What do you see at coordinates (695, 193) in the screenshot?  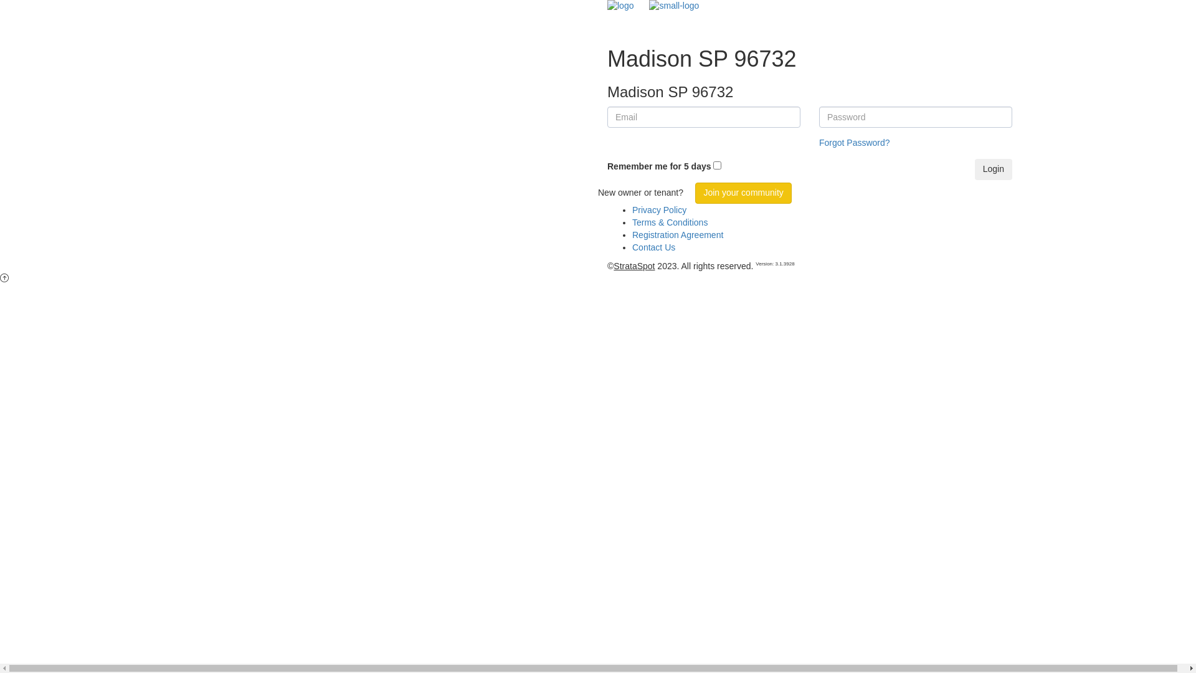 I see `'Join your community'` at bounding box center [695, 193].